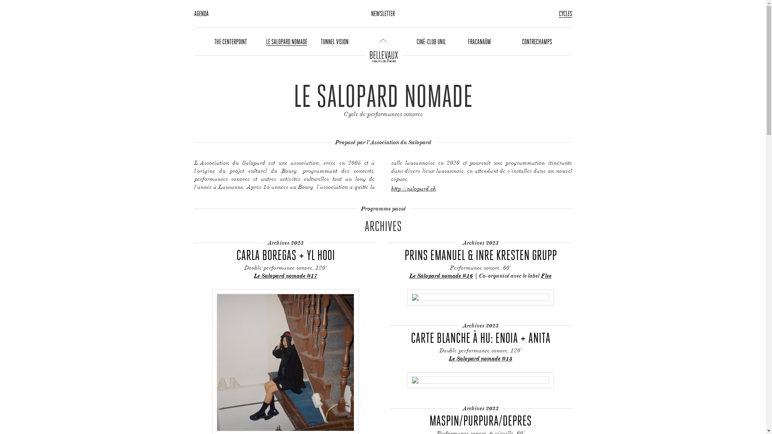  Describe the element at coordinates (230, 41) in the screenshot. I see `'THE CENTERPOINT'` at that location.